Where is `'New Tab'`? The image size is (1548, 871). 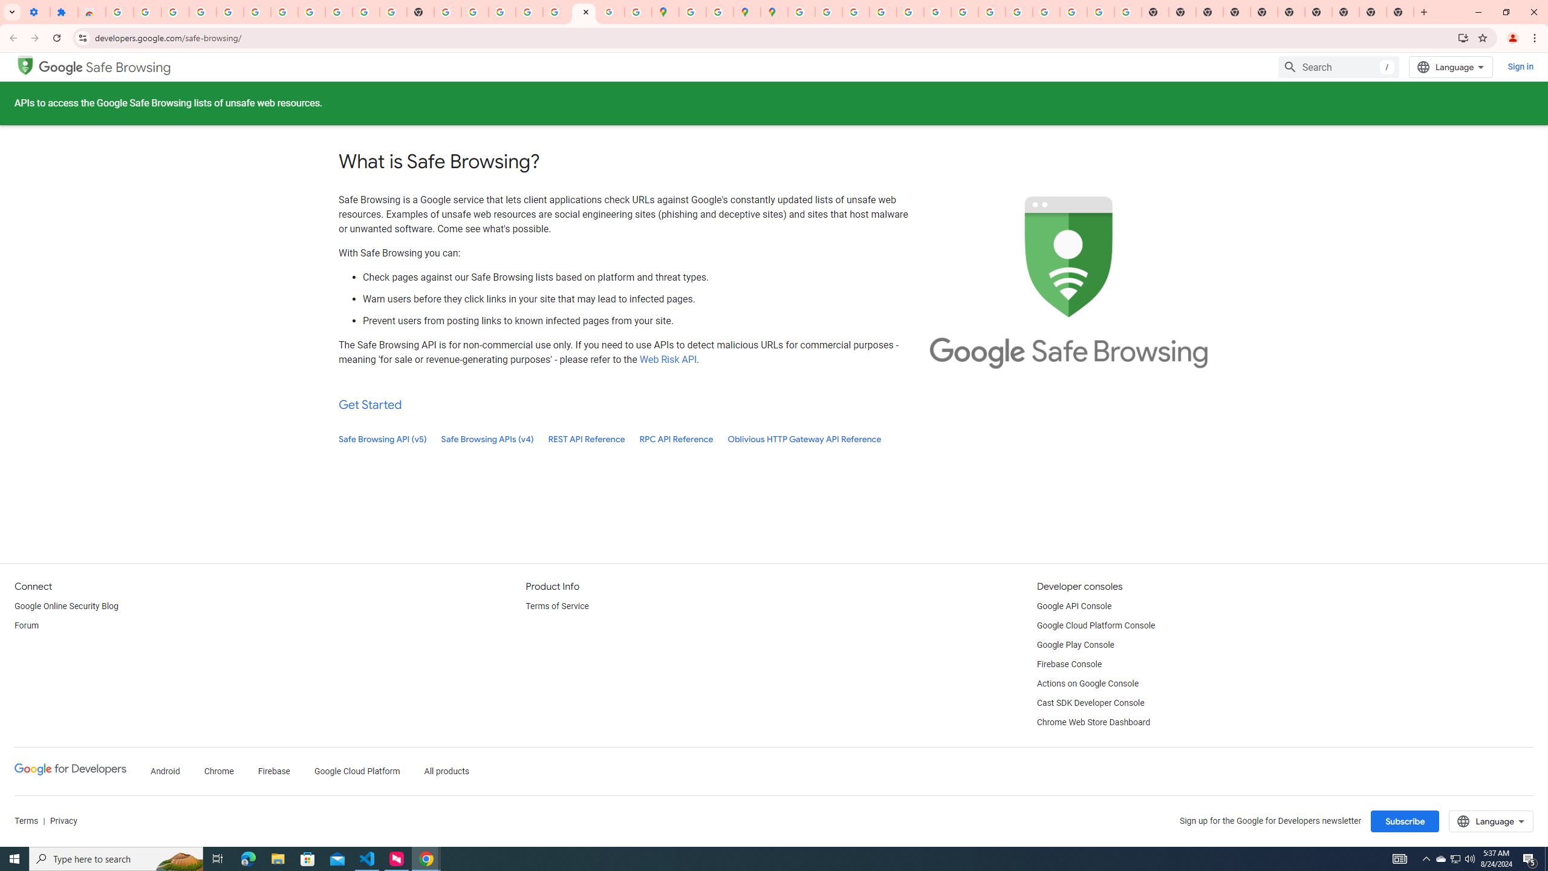
'New Tab' is located at coordinates (1400, 11).